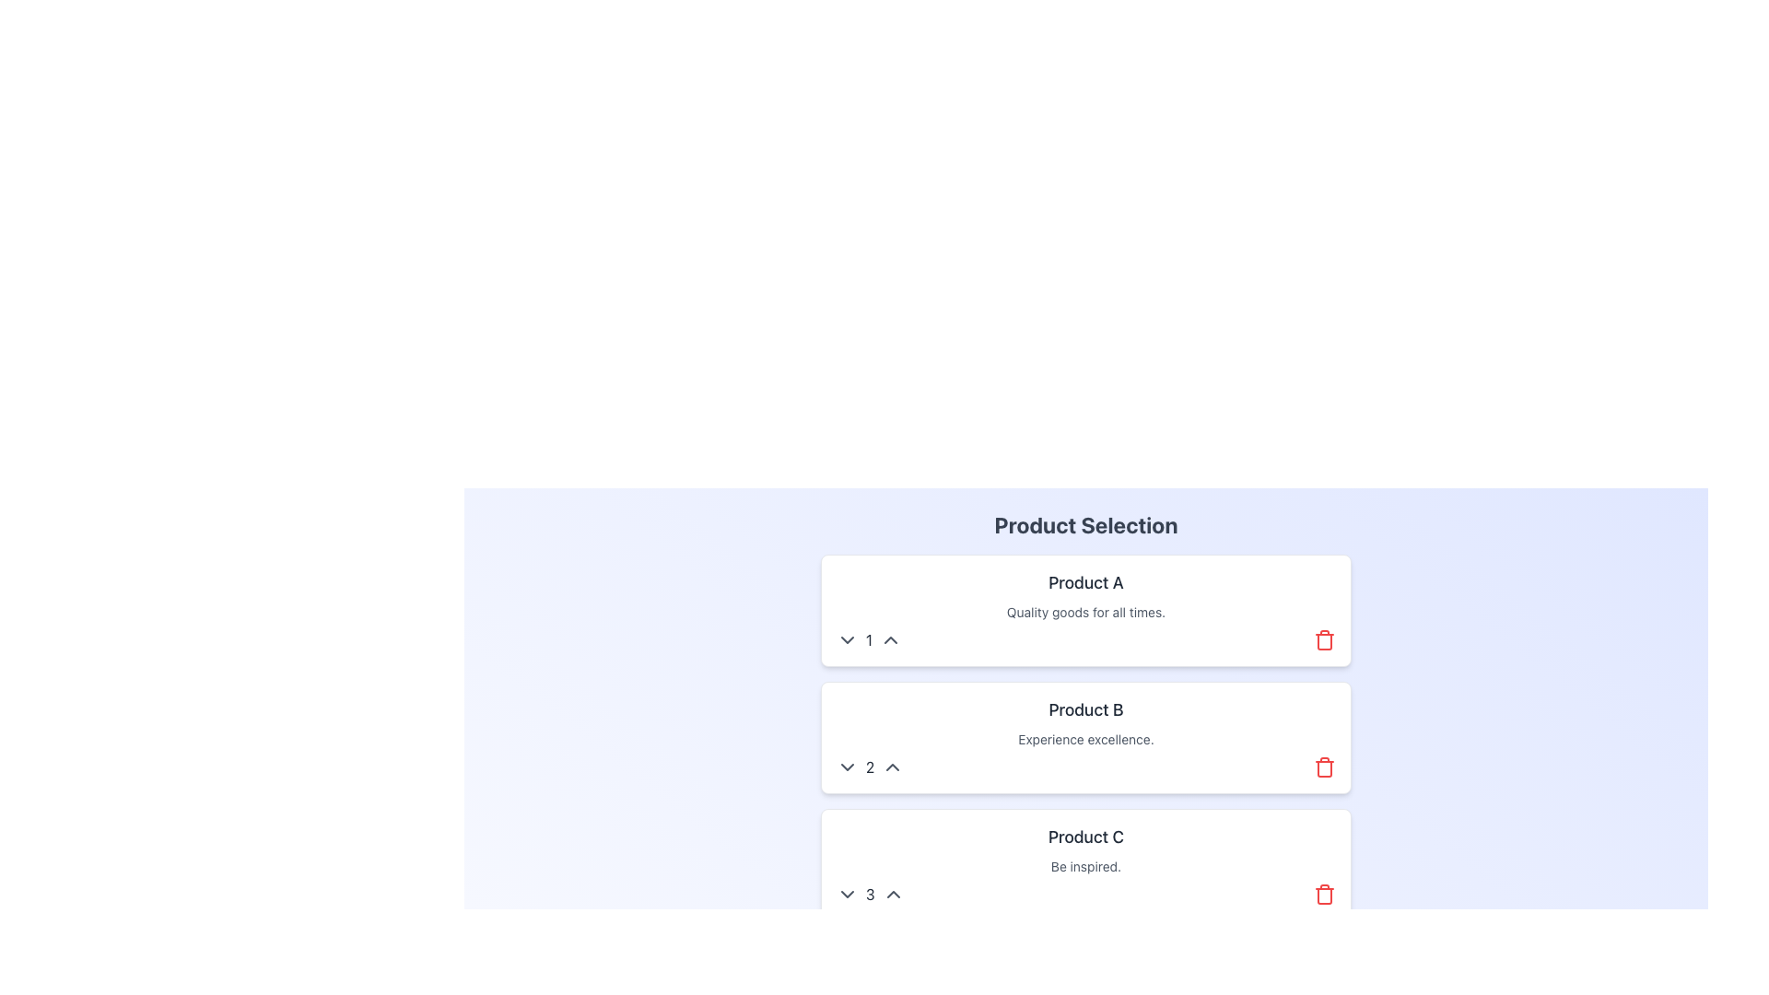 The width and height of the screenshot is (1769, 995). I want to click on the red-bordered trash can button located to the far-right of Product B in the list, so click(1324, 767).